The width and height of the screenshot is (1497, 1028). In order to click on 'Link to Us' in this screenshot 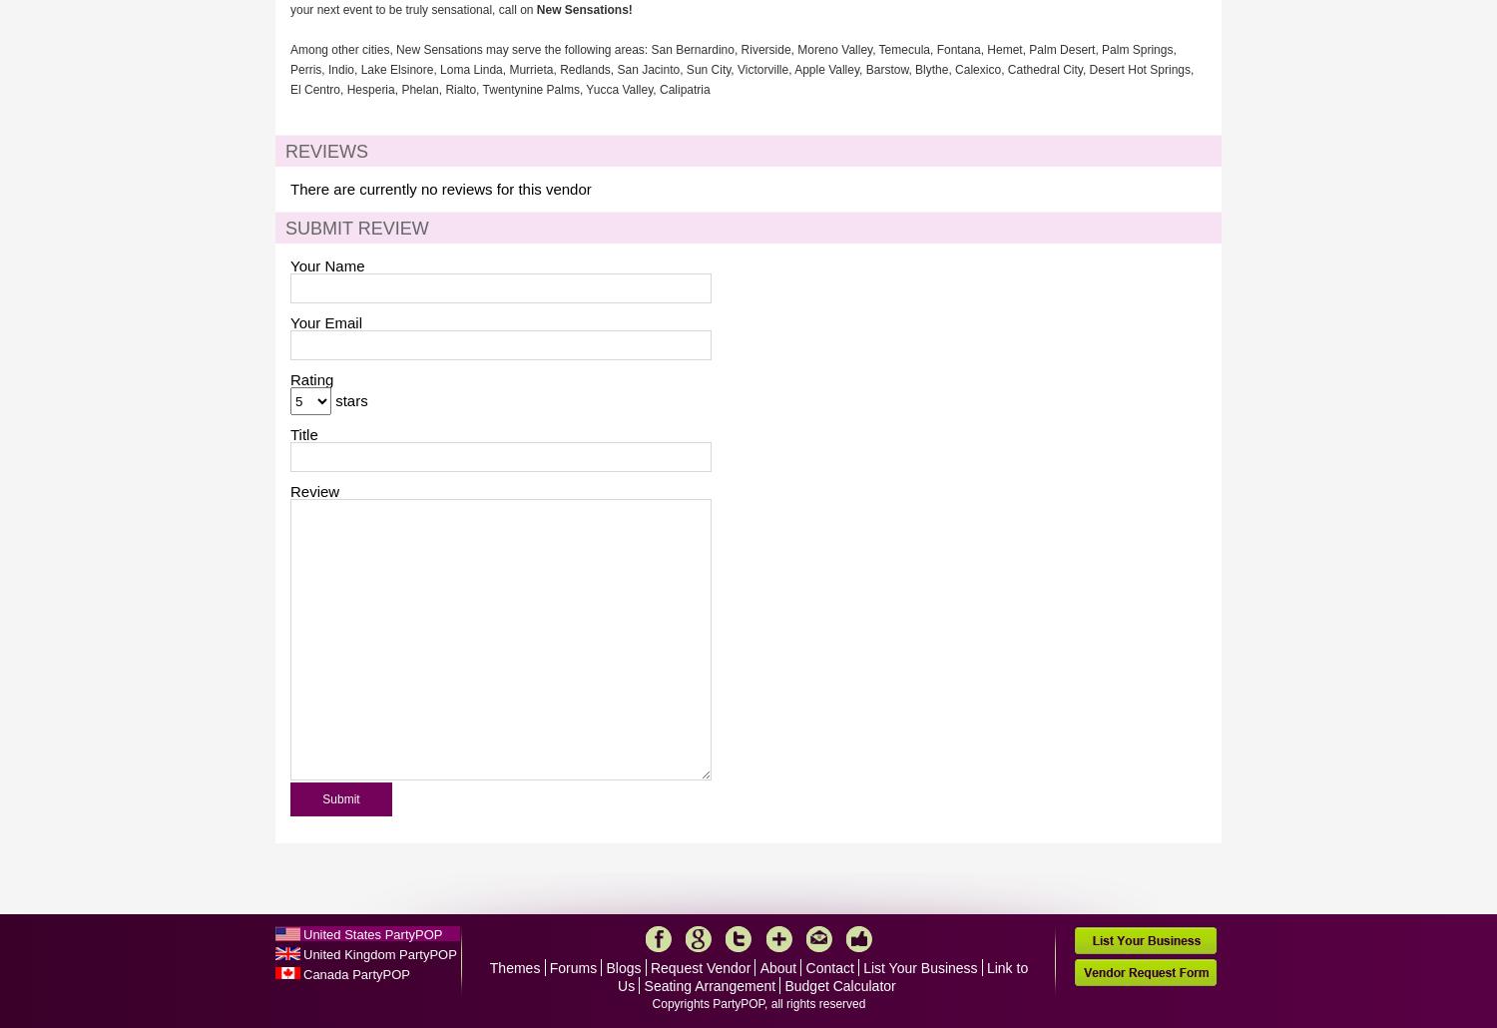, I will do `click(821, 976)`.